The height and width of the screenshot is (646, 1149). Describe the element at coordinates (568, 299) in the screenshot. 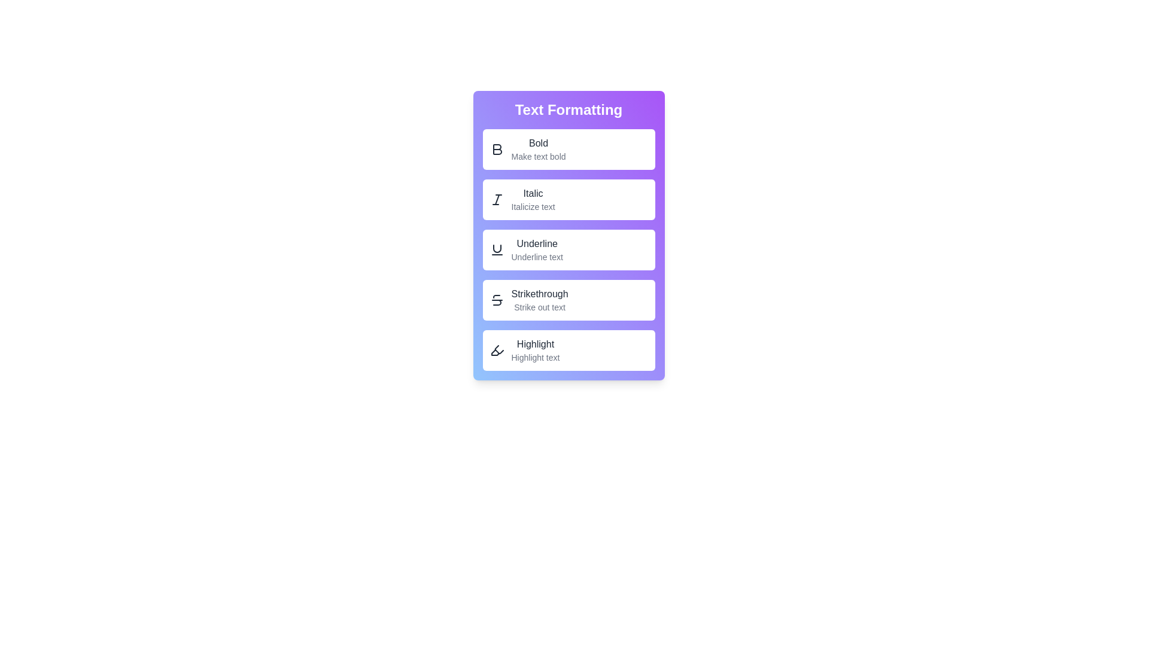

I see `the 'Strikethrough' button to apply strikethrough formatting` at that location.